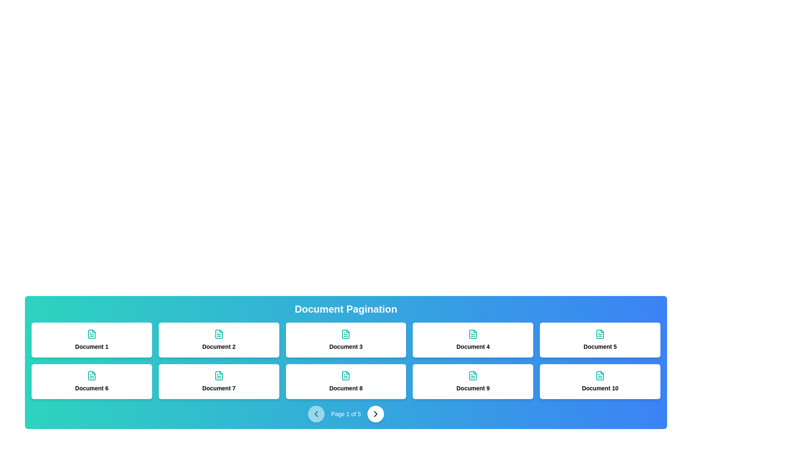  I want to click on the button labeled 'Document 3', which is a rectangular button with rounded corners, a white background, and a blue-green file icon above bold black text, so click(346, 340).